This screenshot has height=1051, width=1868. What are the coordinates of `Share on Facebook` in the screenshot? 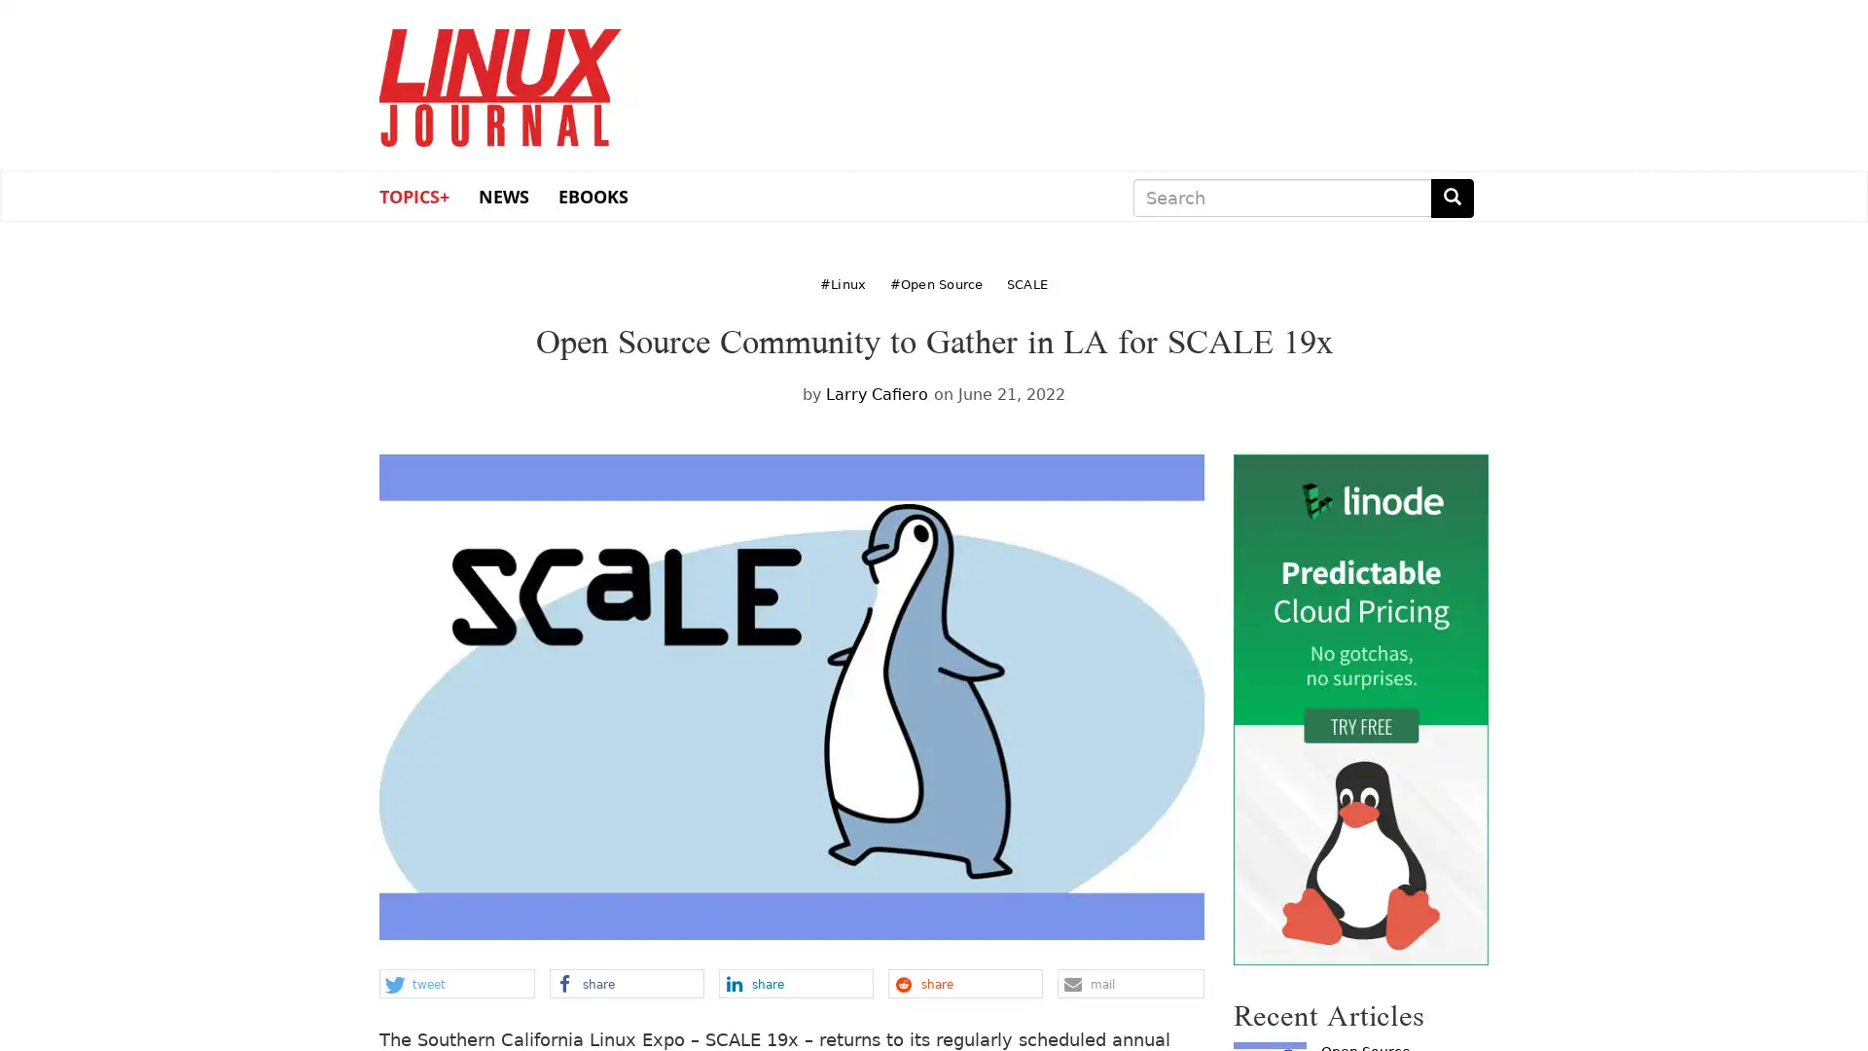 It's located at (626, 983).